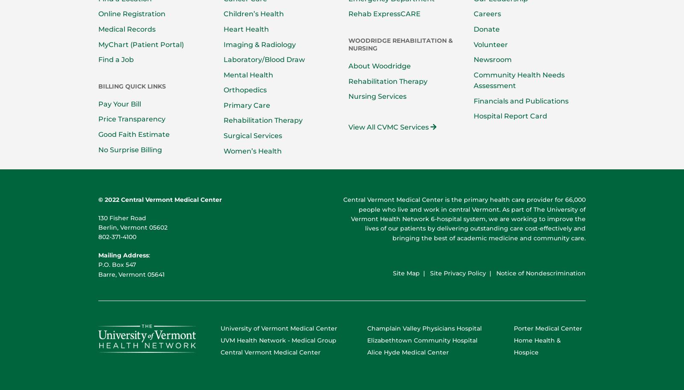 The width and height of the screenshot is (684, 390). I want to click on 'Rehab ExpressCARE', so click(348, 14).